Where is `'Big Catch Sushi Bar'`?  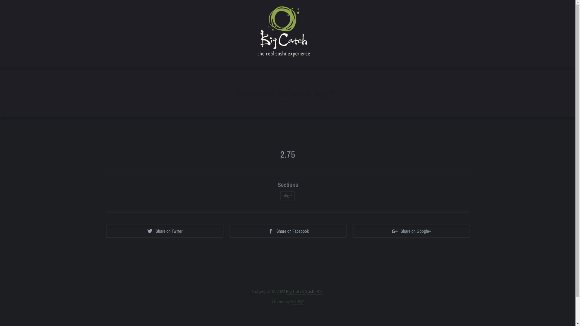 'Big Catch Sushi Bar' is located at coordinates (285, 291).